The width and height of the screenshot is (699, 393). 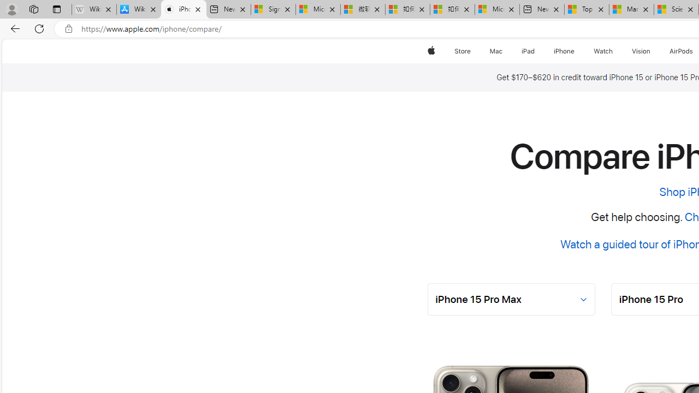 What do you see at coordinates (495, 51) in the screenshot?
I see `'Mac'` at bounding box center [495, 51].